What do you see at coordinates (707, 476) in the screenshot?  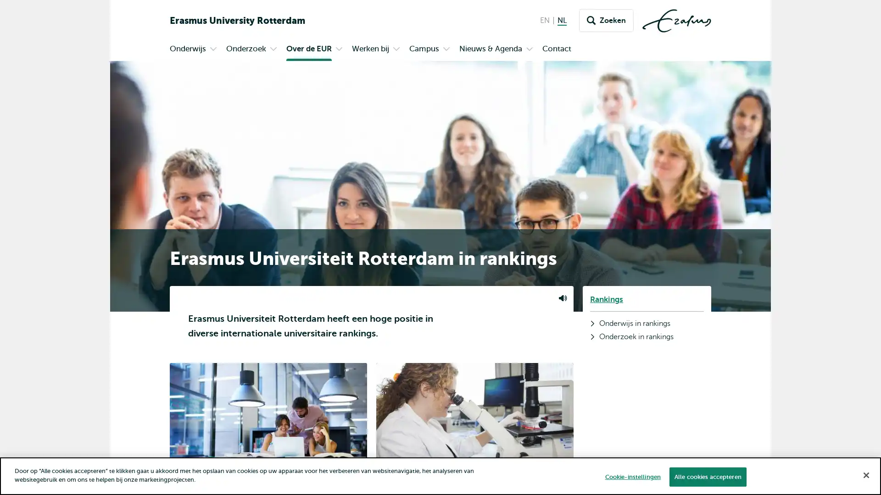 I see `Alle cookies accepteren` at bounding box center [707, 476].